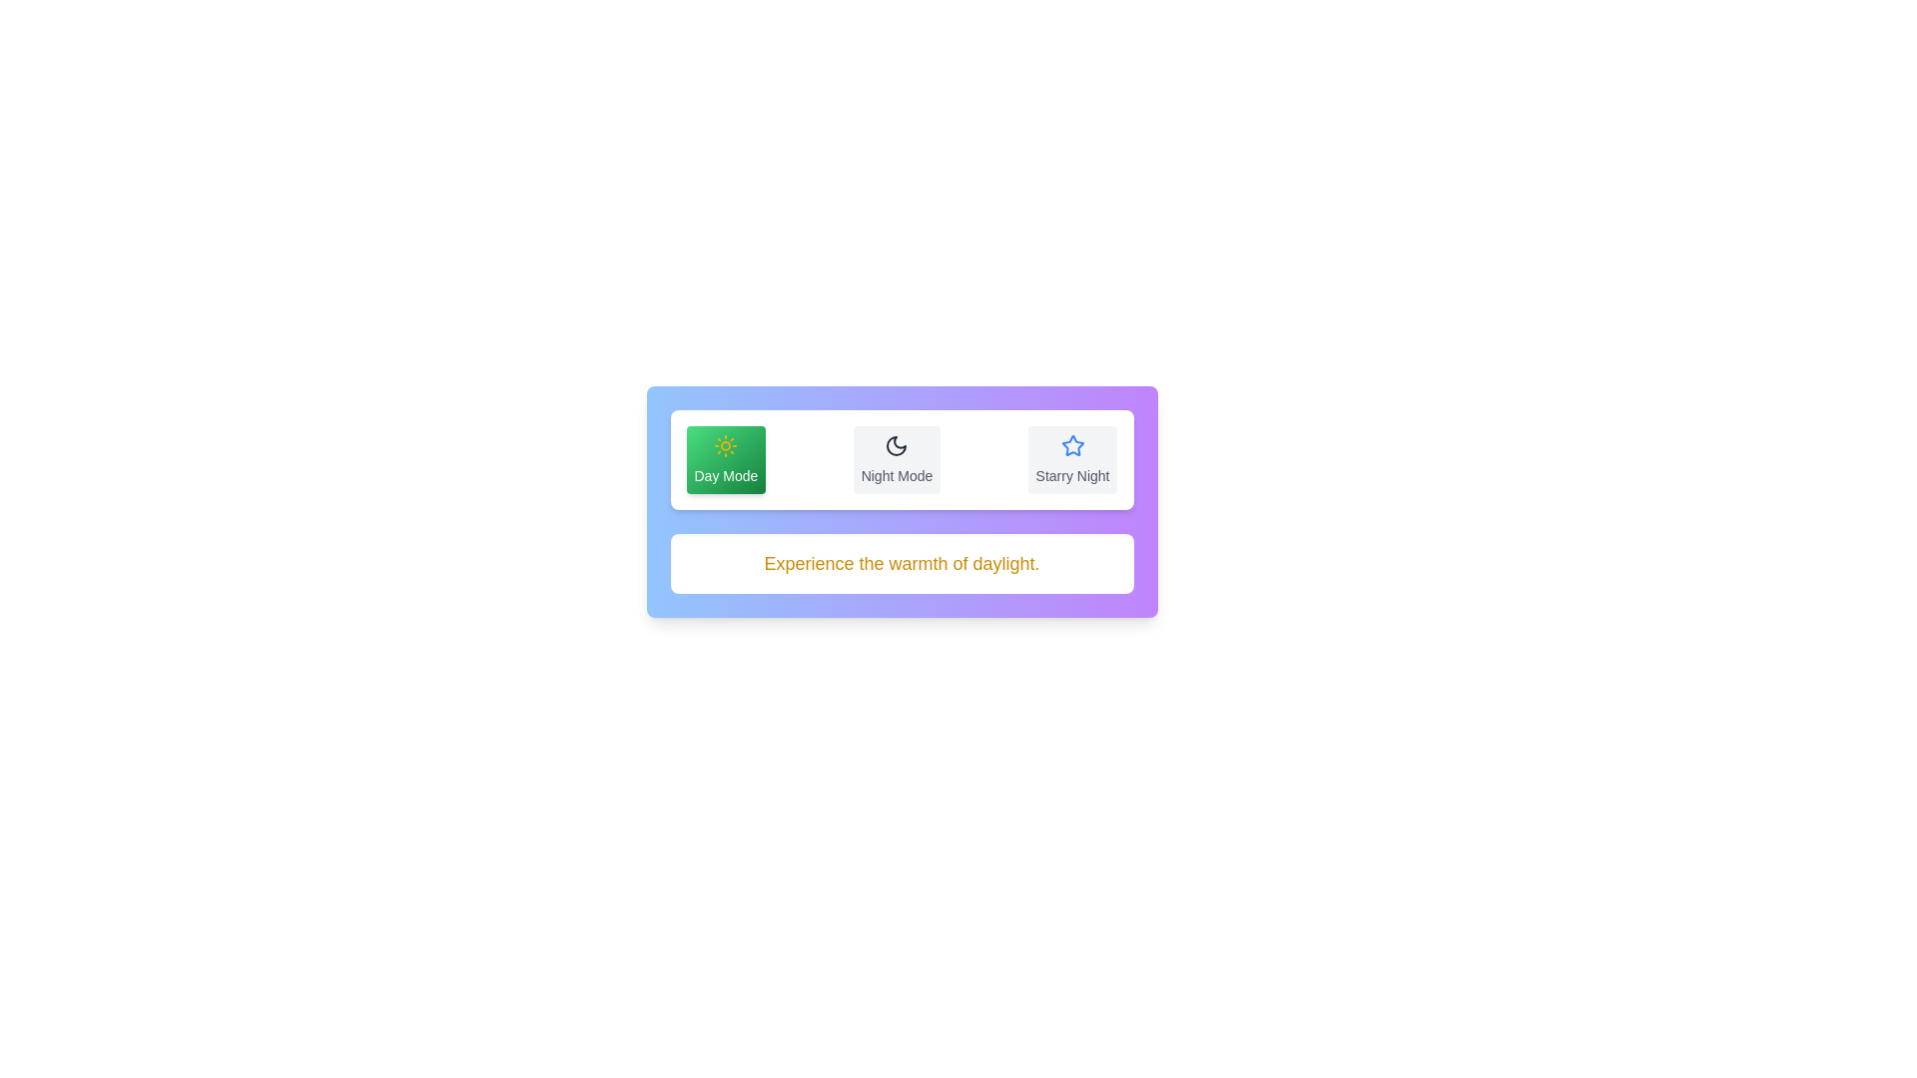 Image resolution: width=1917 pixels, height=1078 pixels. Describe the element at coordinates (725, 445) in the screenshot. I see `the sun icon located at the center of the green 'Day Mode' button` at that location.